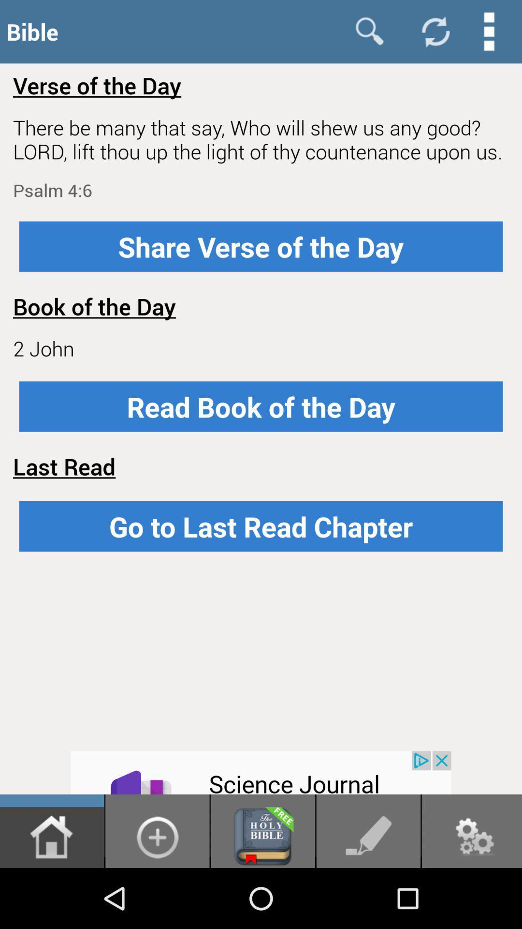  I want to click on the edit icon, so click(368, 896).